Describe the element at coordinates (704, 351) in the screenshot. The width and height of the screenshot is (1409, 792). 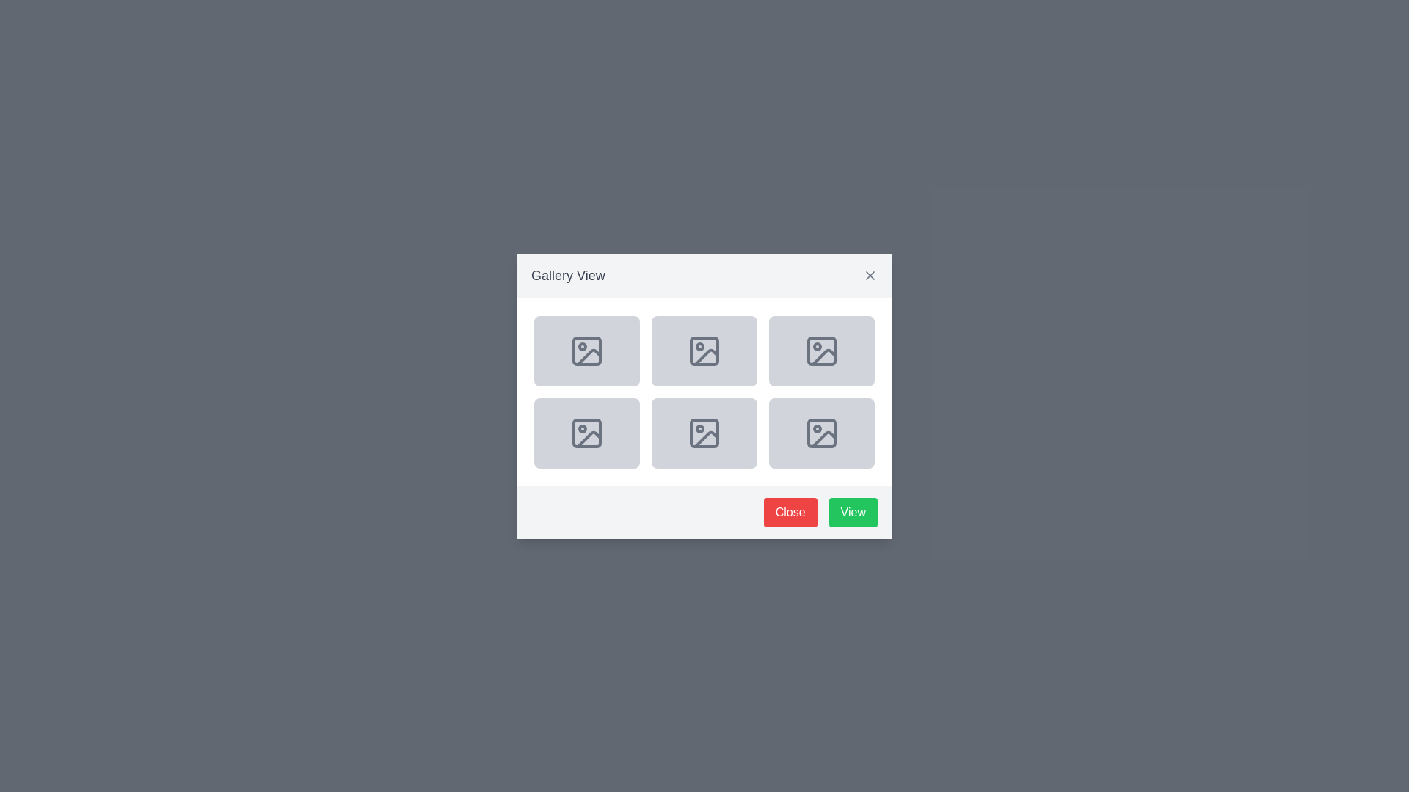
I see `the image placeholder icon located in the second row, second column of the grid layout within the 'Gallery View' modal dialog` at that location.